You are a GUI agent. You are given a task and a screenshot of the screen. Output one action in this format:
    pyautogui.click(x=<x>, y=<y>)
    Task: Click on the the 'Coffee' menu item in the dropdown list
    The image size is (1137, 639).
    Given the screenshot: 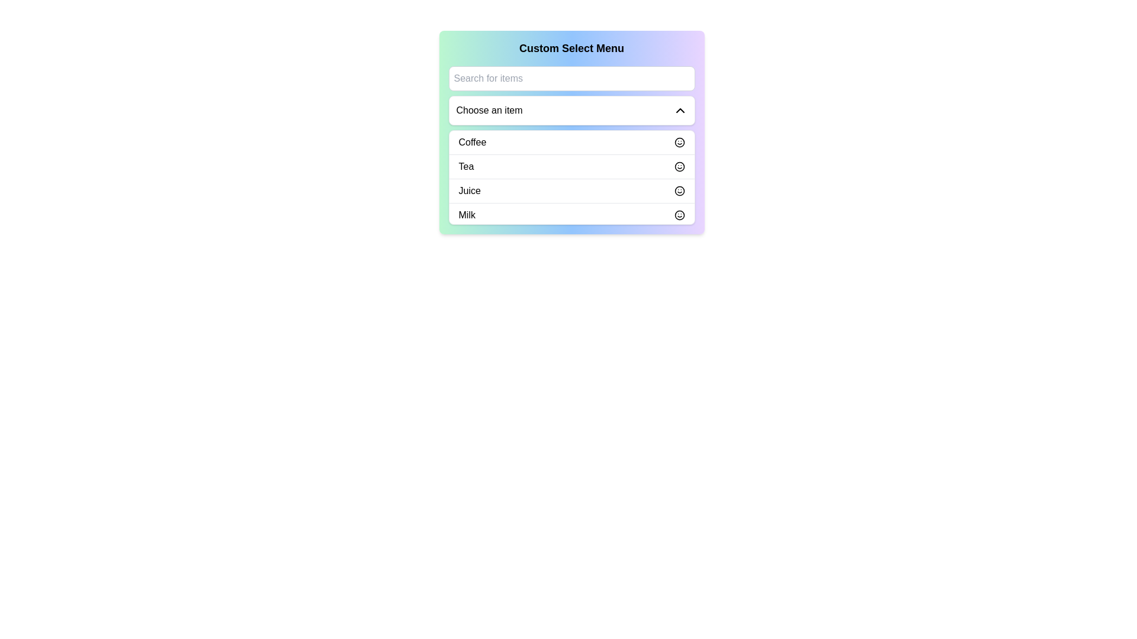 What is the action you would take?
    pyautogui.click(x=471, y=141)
    